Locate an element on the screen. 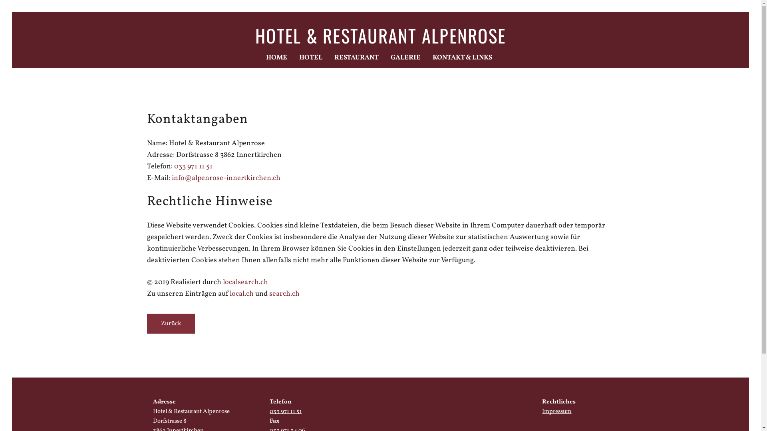  'info@alpenrose-innertkirchen.ch' is located at coordinates (226, 178).